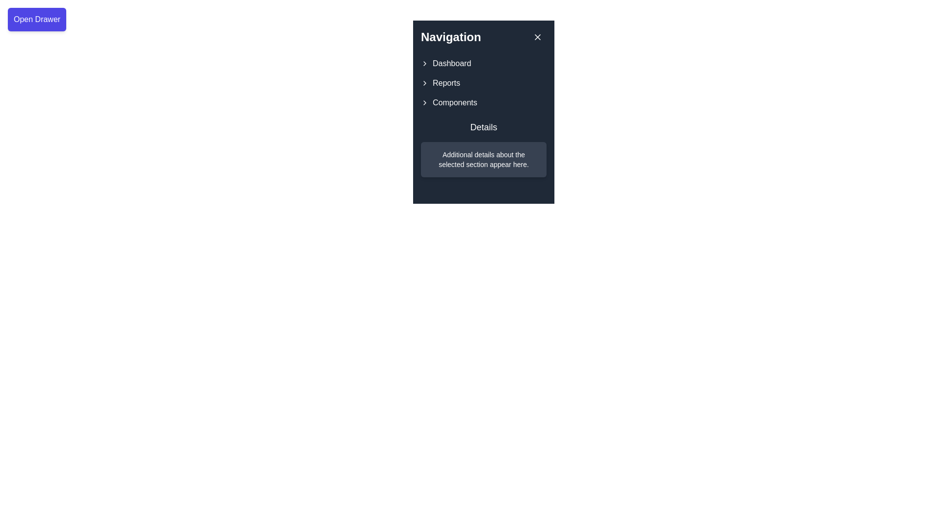  Describe the element at coordinates (537, 37) in the screenshot. I see `the Close Button icon located in the top-right corner of the navigation panel` at that location.